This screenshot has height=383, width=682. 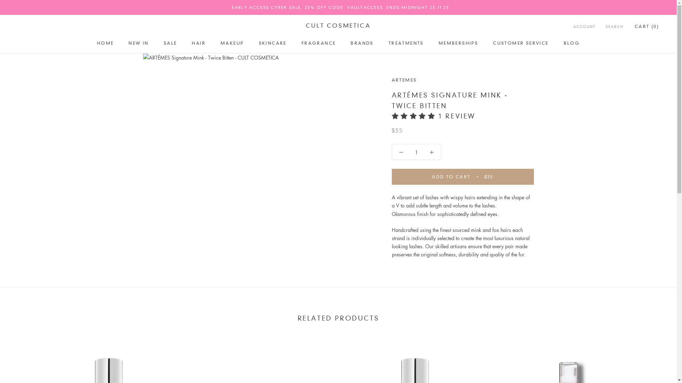 I want to click on 'SEARCH', so click(x=614, y=27).